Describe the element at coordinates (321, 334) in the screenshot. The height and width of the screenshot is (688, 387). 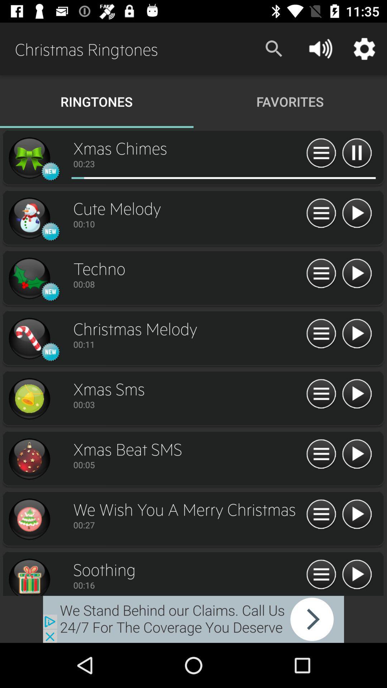
I see `see details` at that location.